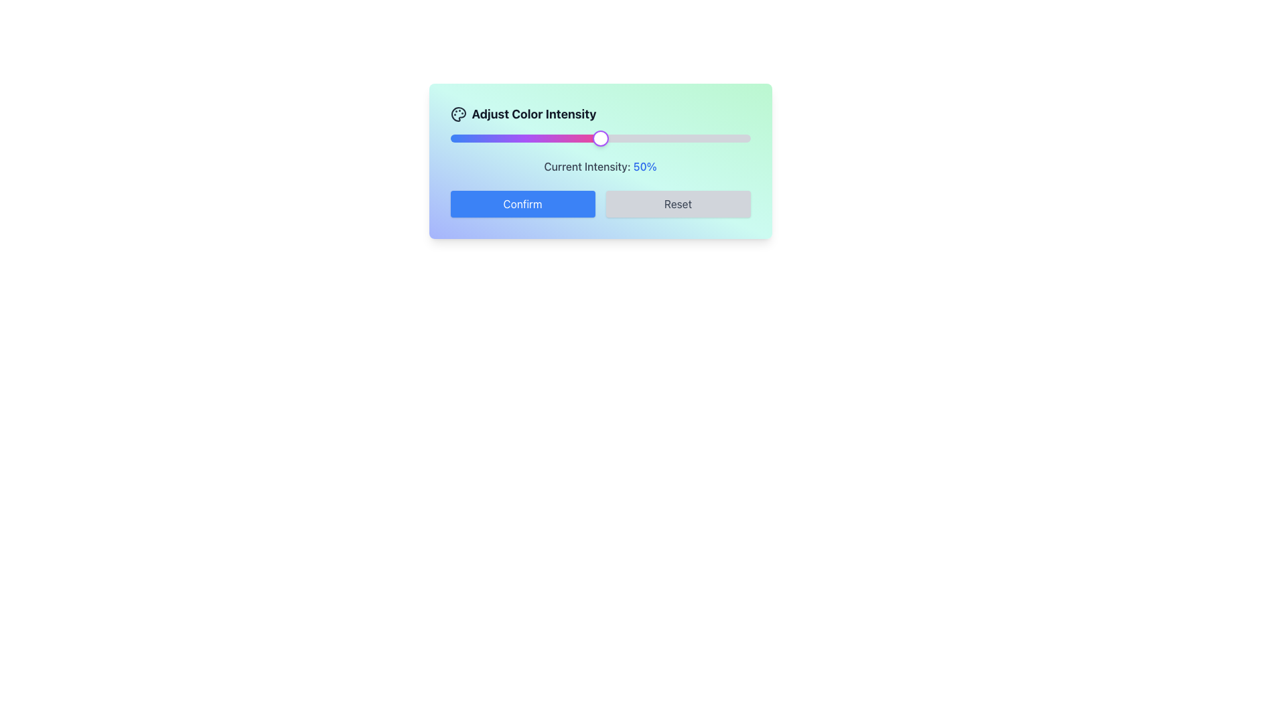 The width and height of the screenshot is (1286, 723). What do you see at coordinates (458, 113) in the screenshot?
I see `the color adjustment icon located to the left of the 'Adjust Color Intensity' label at the top of the dialog box` at bounding box center [458, 113].